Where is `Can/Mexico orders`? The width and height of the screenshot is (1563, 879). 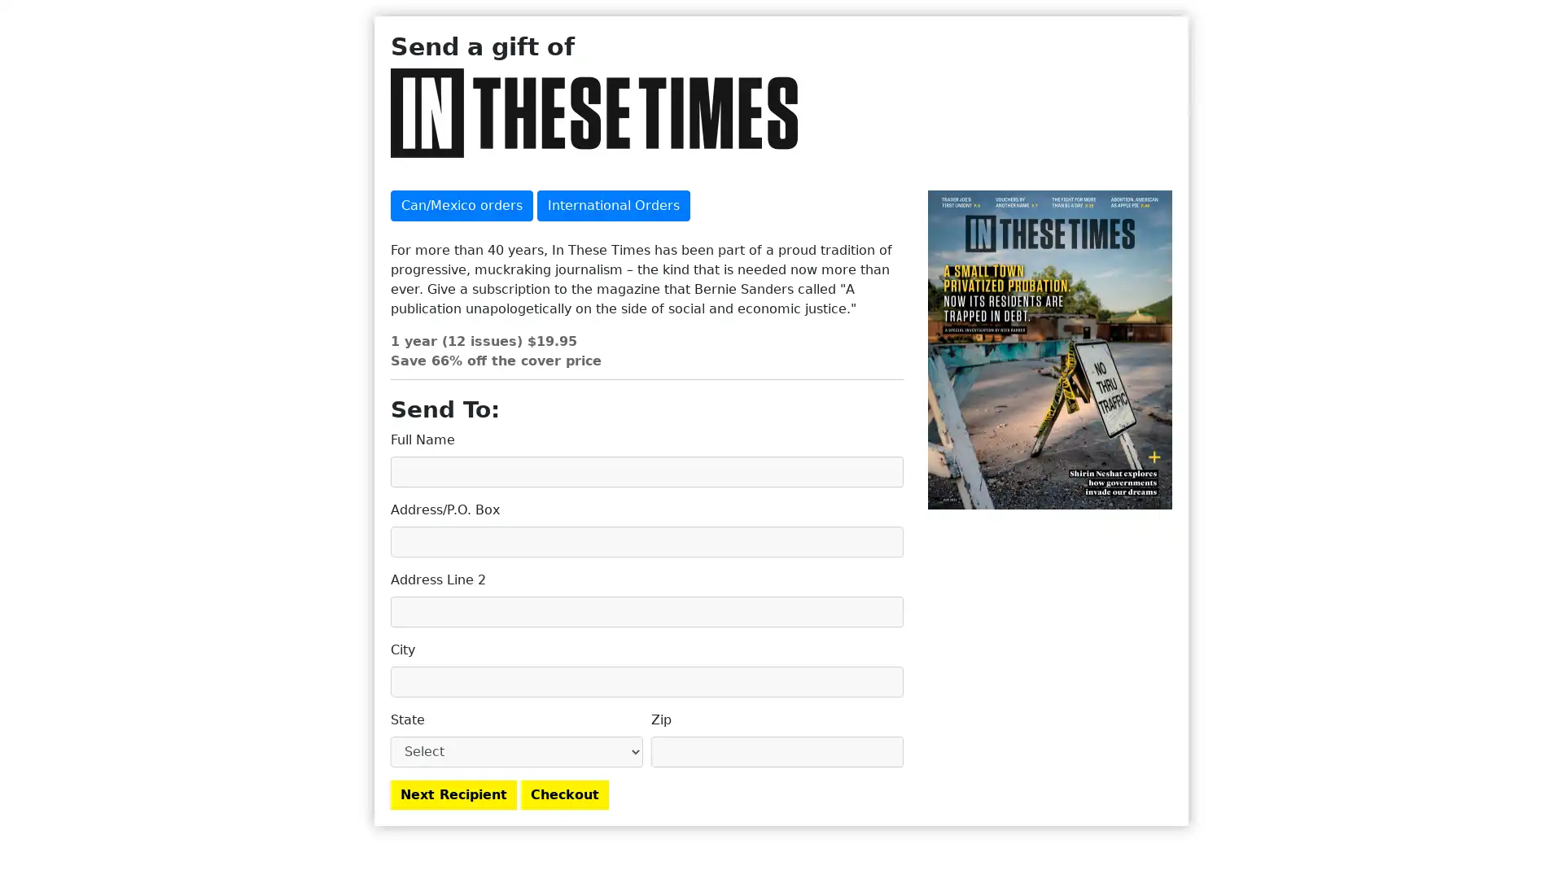 Can/Mexico orders is located at coordinates (461, 205).